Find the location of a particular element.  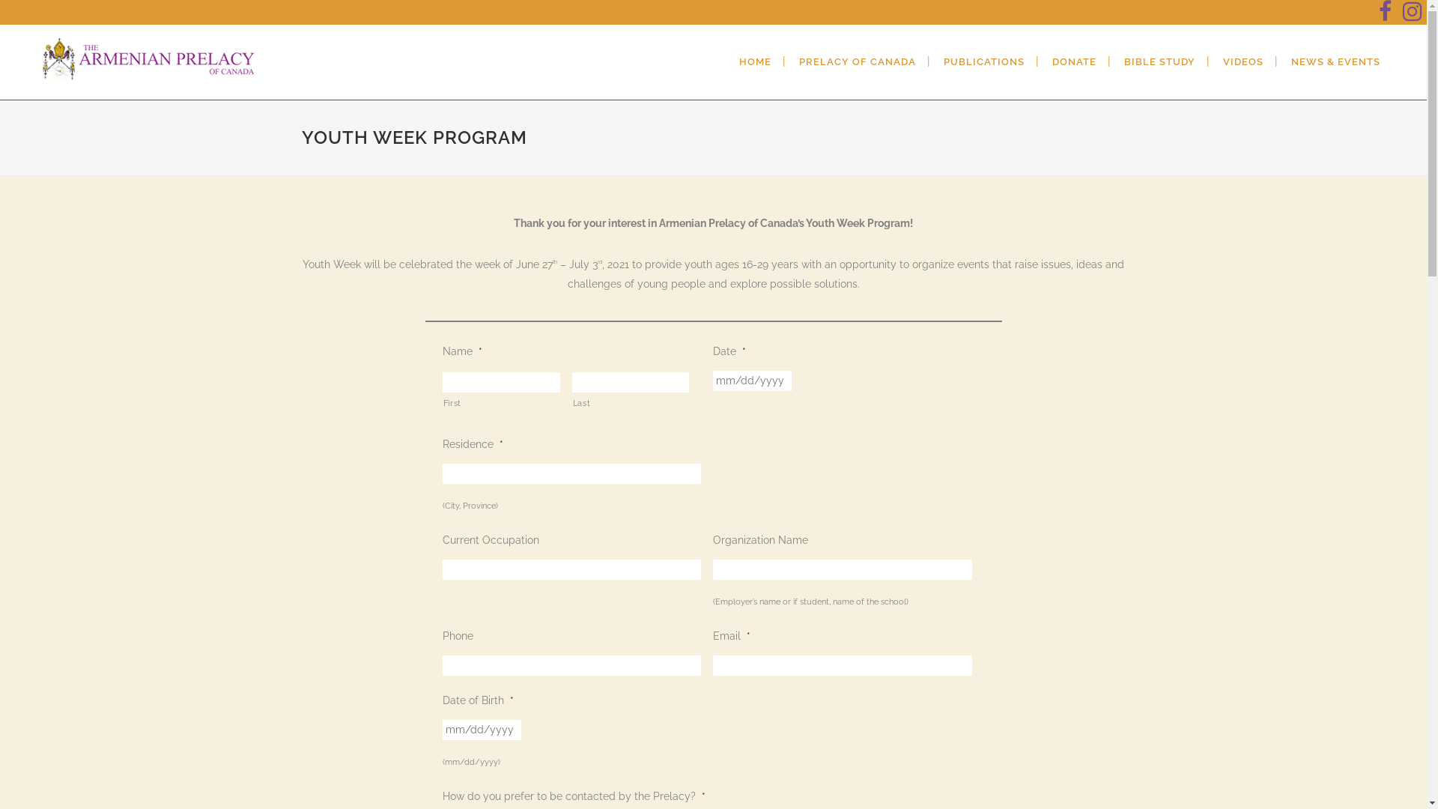

'NEWS & EVENTS' is located at coordinates (1278, 61).